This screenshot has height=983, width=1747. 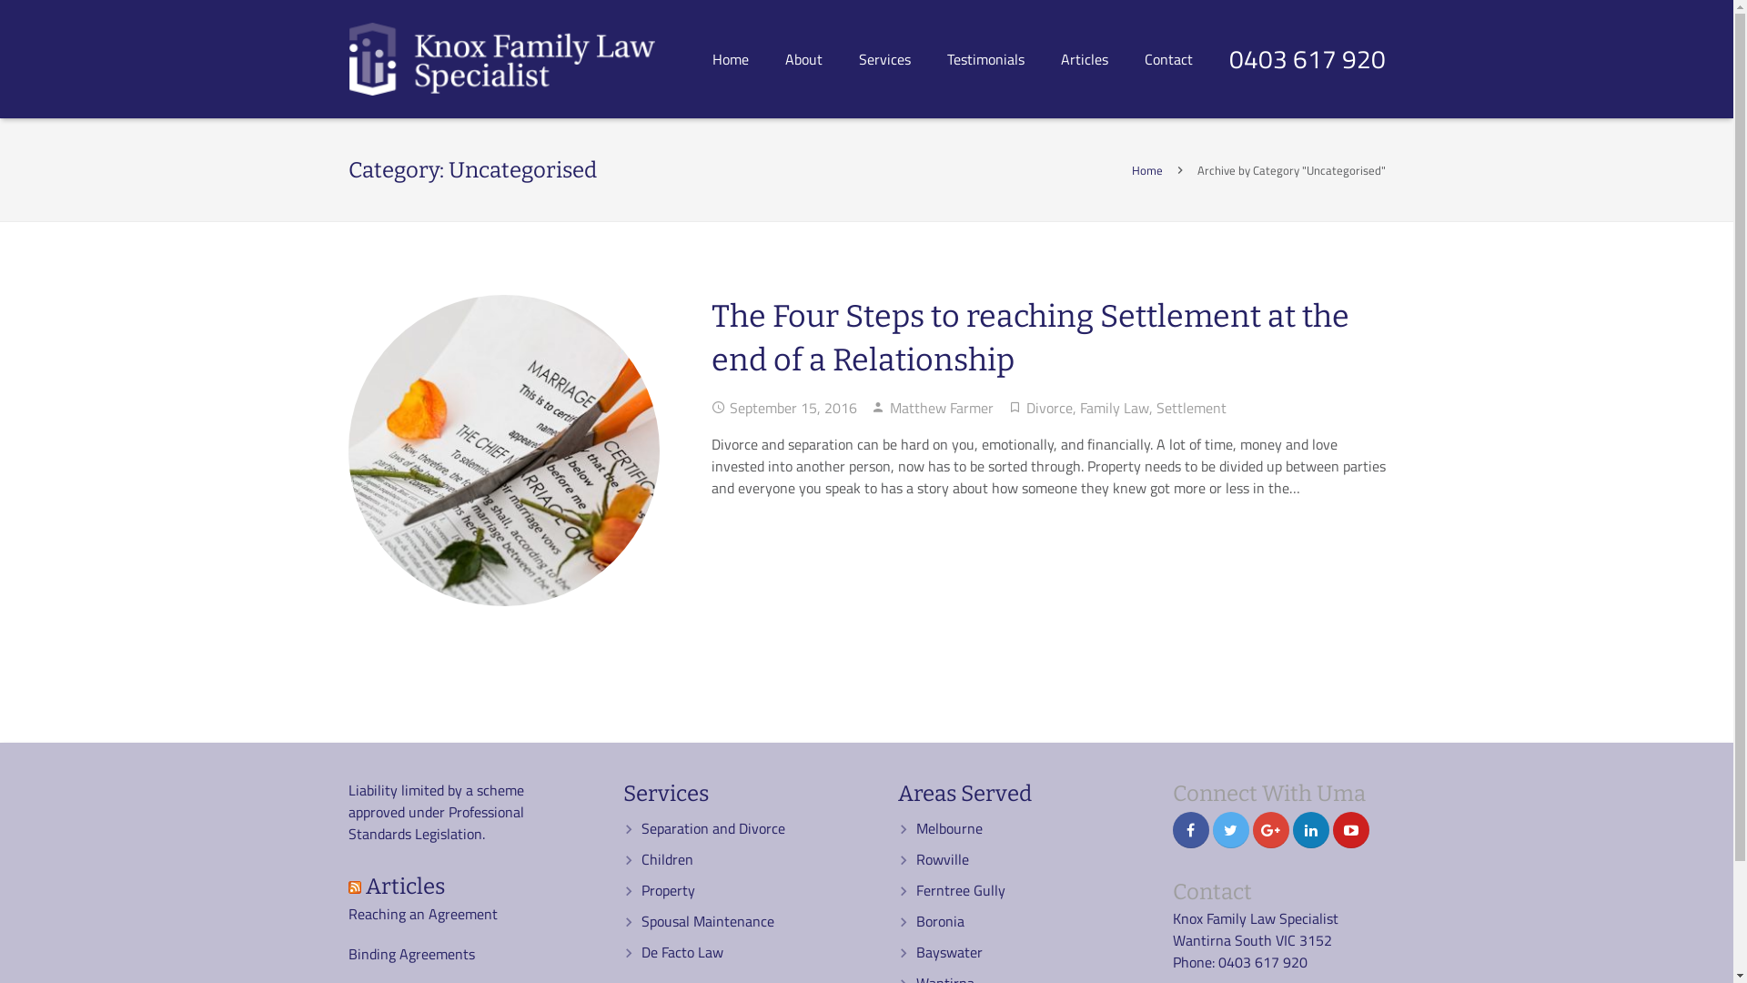 What do you see at coordinates (681, 950) in the screenshot?
I see `'De Facto Law'` at bounding box center [681, 950].